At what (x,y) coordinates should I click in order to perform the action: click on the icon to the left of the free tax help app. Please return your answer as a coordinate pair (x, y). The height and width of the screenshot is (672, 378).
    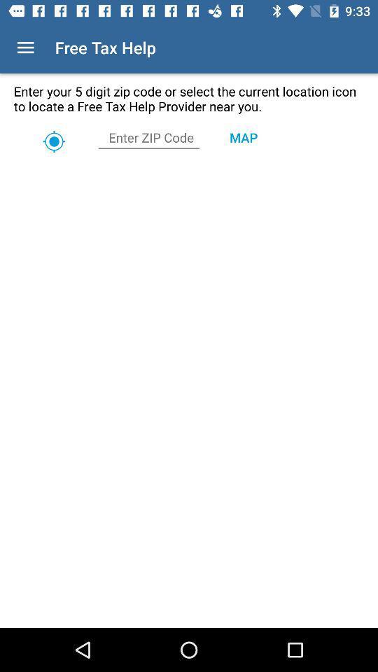
    Looking at the image, I should click on (25, 48).